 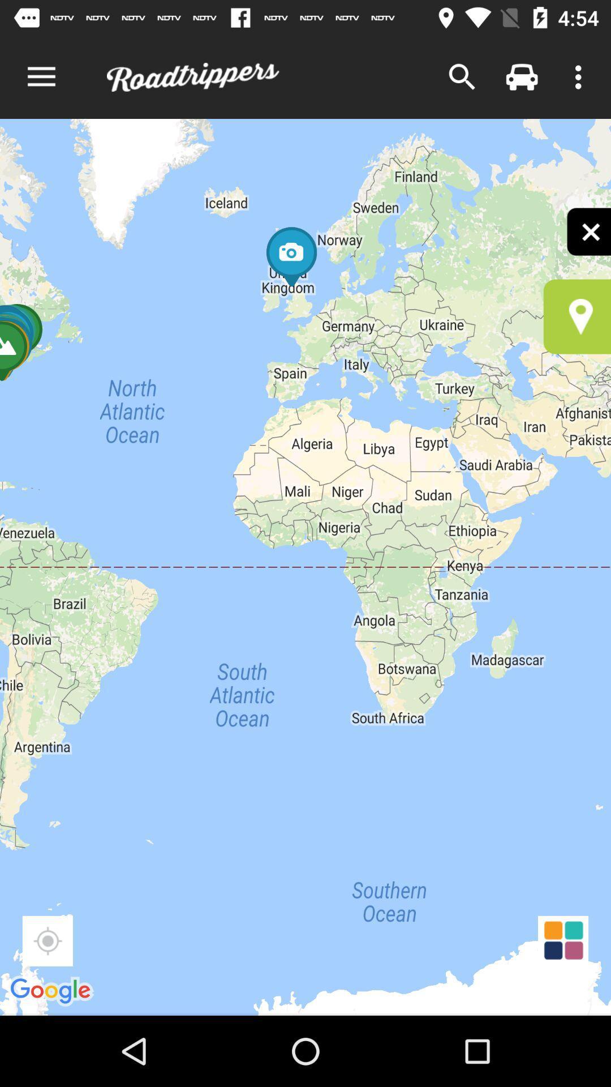 What do you see at coordinates (47, 941) in the screenshot?
I see `the location_crosshair icon` at bounding box center [47, 941].